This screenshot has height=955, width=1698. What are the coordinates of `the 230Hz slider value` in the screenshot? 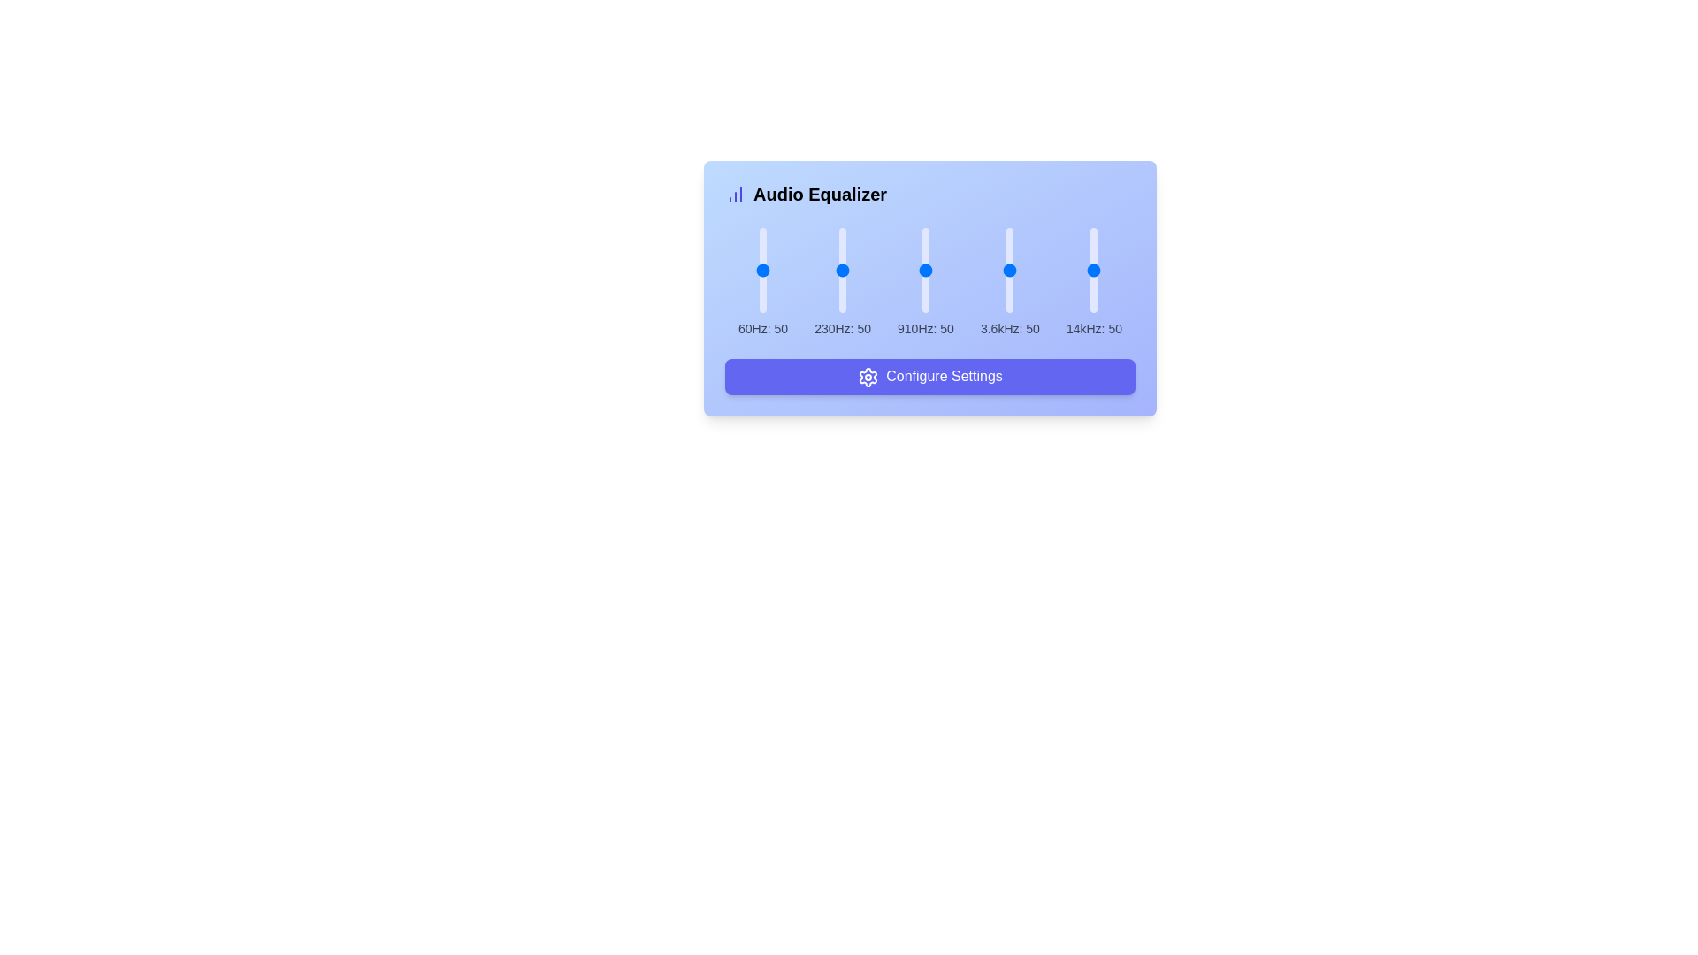 It's located at (842, 283).